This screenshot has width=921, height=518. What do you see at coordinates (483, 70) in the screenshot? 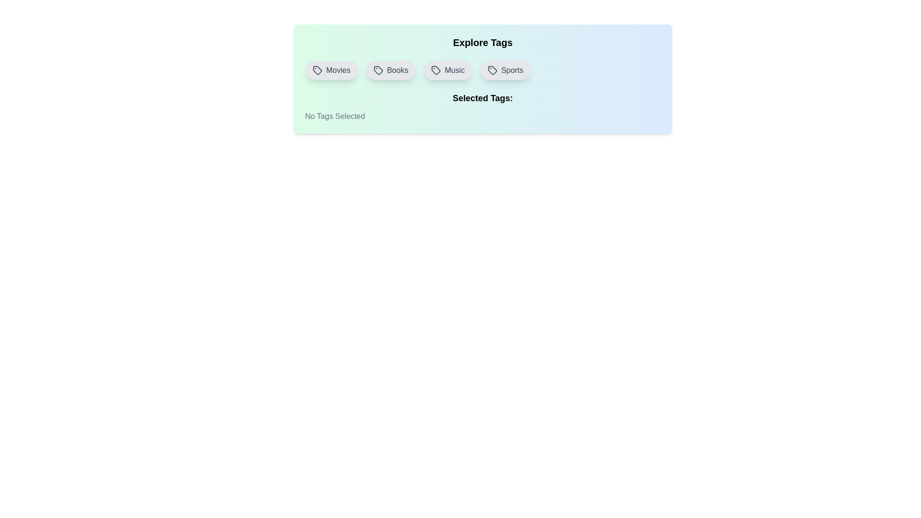
I see `the tag selection interface located below the 'Explore Tags' title` at bounding box center [483, 70].